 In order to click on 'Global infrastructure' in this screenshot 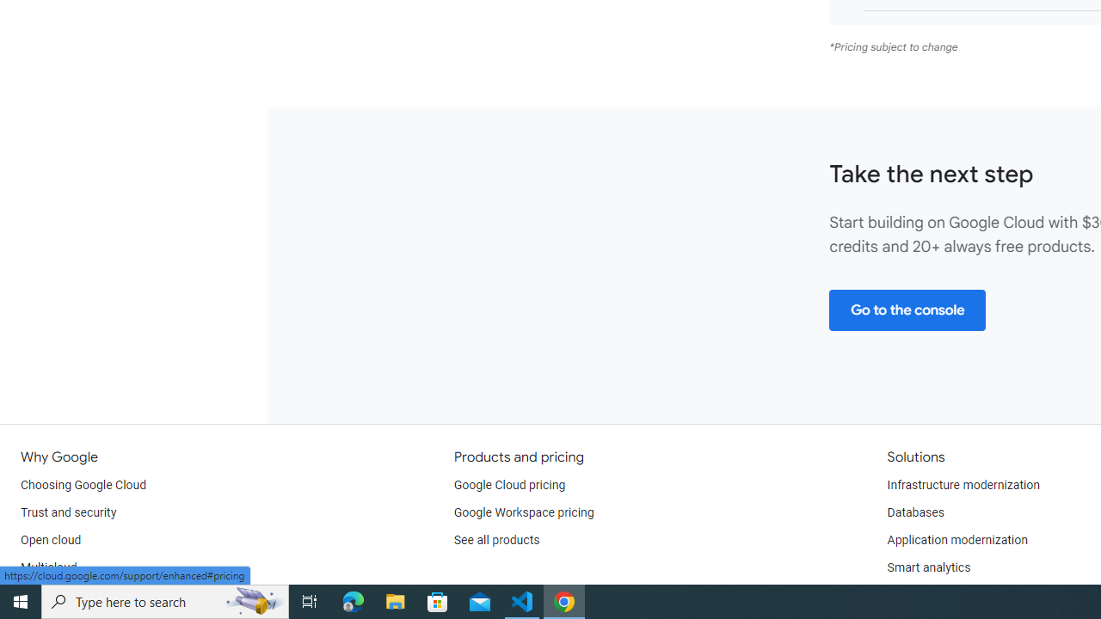, I will do `click(75, 594)`.